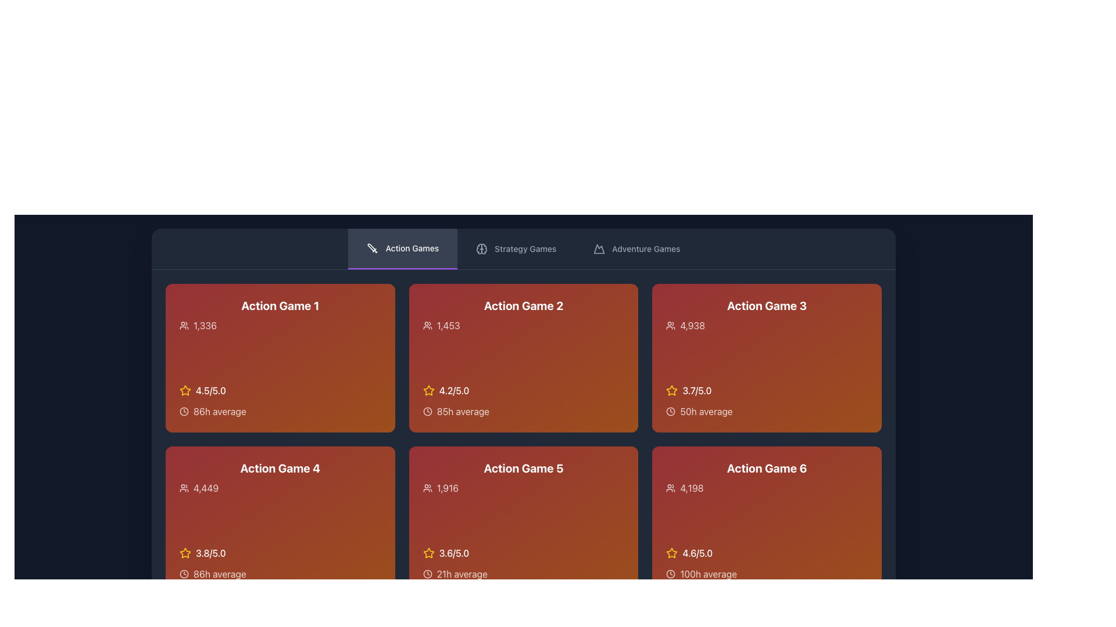 This screenshot has height=627, width=1116. I want to click on the appearance of the informational icon related to average hours next to the text '50h average' in the content card for 'Action Game 3', so click(671, 411).